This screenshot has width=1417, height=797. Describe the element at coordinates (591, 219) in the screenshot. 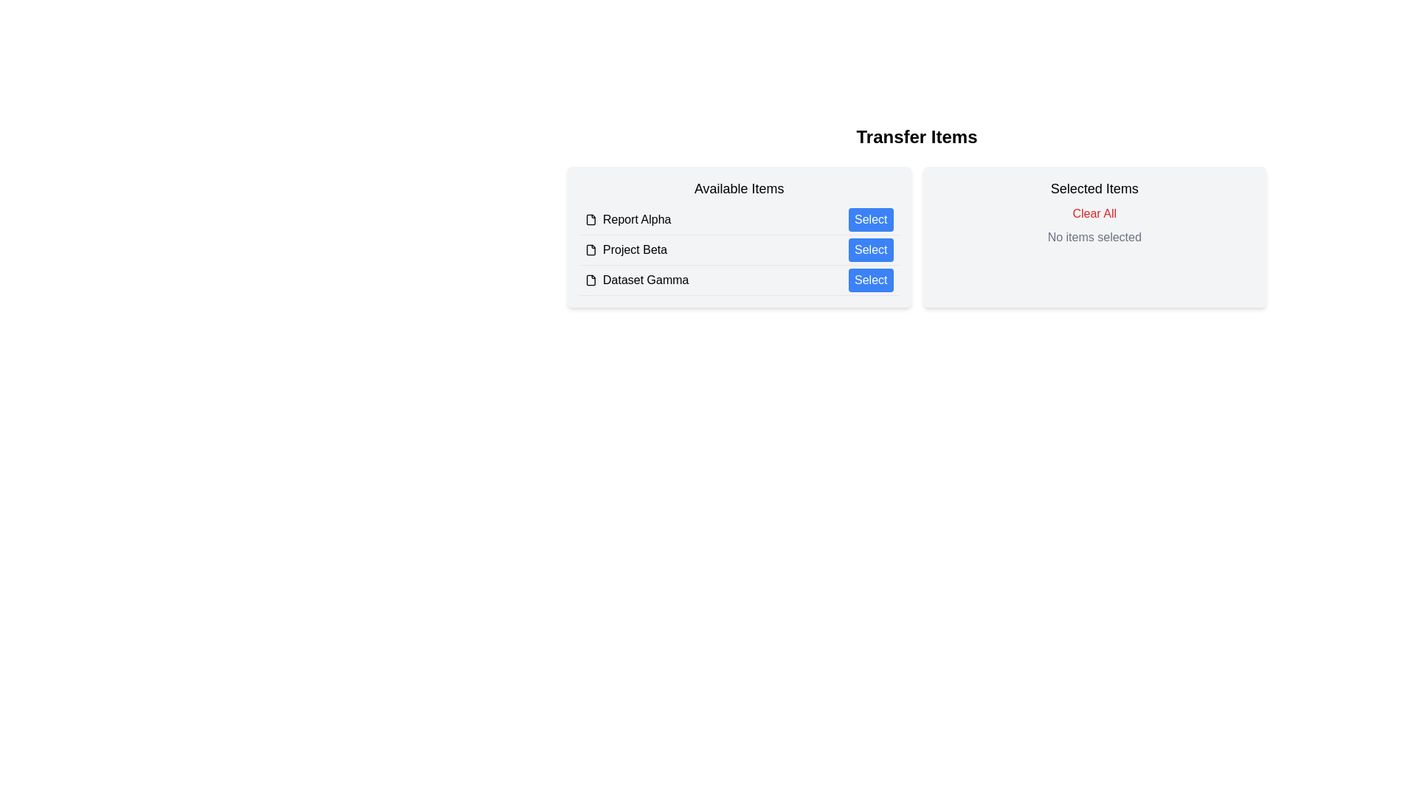

I see `the document file icon located to the left of 'Report Alpha' in the 'Available Items' list` at that location.